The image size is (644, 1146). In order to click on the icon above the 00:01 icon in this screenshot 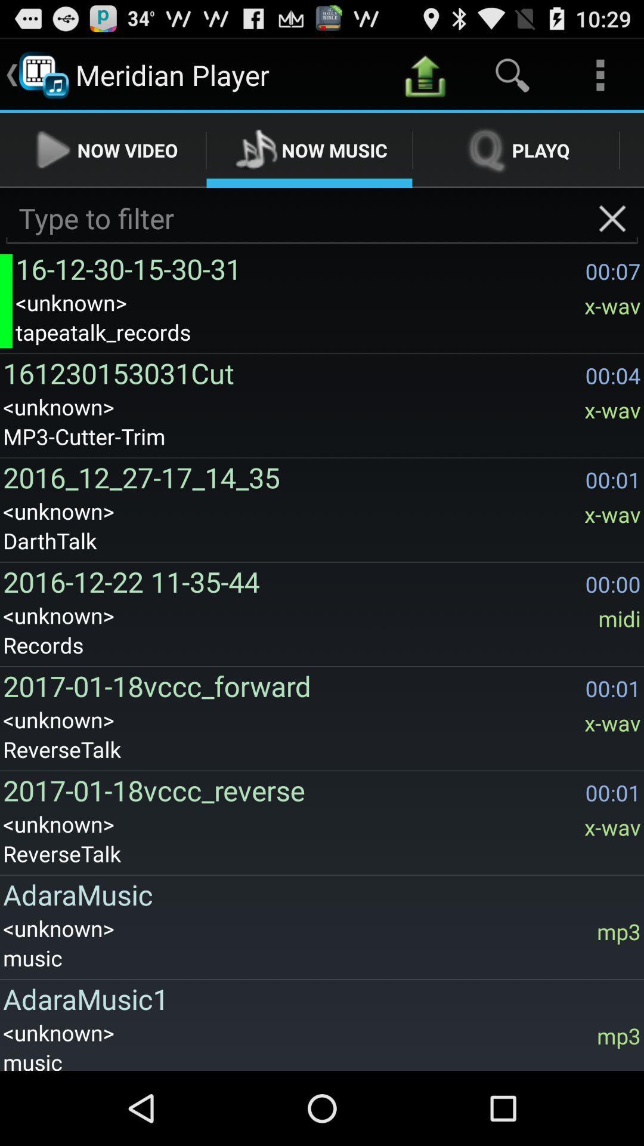, I will do `click(619, 618)`.